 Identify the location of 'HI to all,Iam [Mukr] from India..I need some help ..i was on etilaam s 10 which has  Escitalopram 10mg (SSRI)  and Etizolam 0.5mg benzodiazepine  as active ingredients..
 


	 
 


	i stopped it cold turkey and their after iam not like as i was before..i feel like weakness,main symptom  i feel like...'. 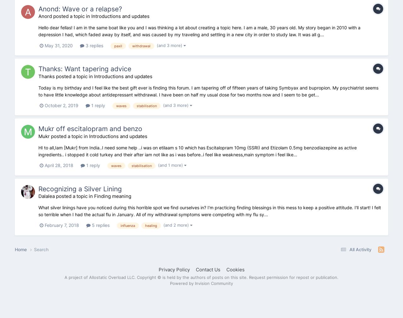
(197, 150).